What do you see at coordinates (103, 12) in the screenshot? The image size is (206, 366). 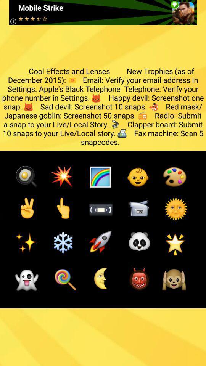 I see `clickable advertisement` at bounding box center [103, 12].